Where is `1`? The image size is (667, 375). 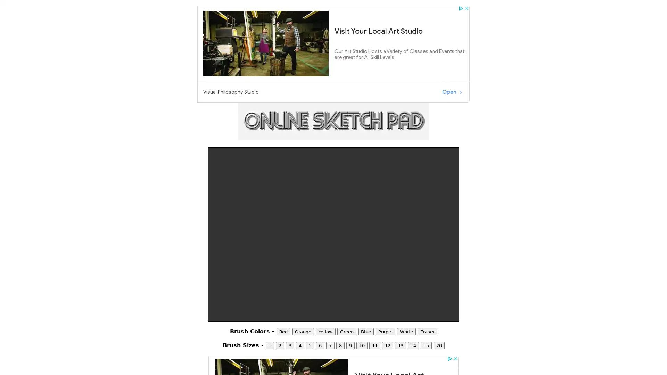
1 is located at coordinates (269, 345).